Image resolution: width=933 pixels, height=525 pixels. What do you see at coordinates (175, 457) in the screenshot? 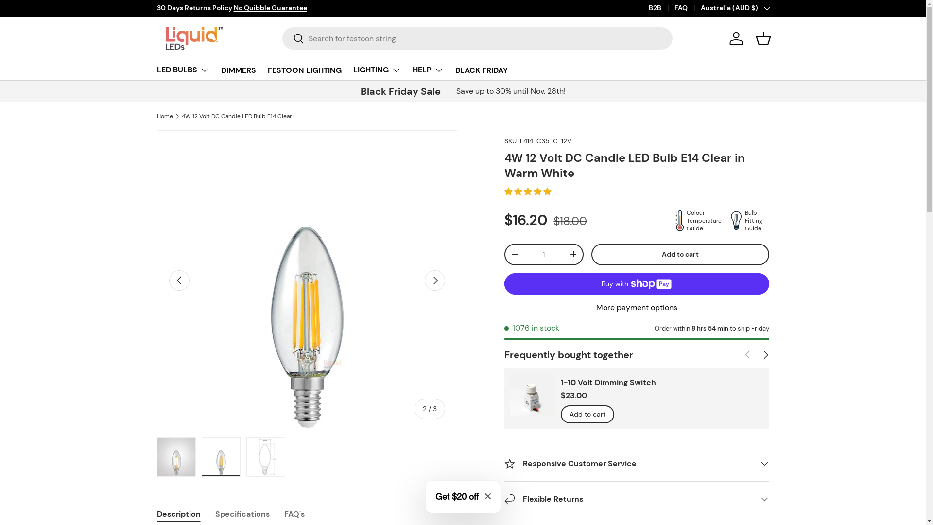
I see `'Load image 1 in gallery view'` at bounding box center [175, 457].